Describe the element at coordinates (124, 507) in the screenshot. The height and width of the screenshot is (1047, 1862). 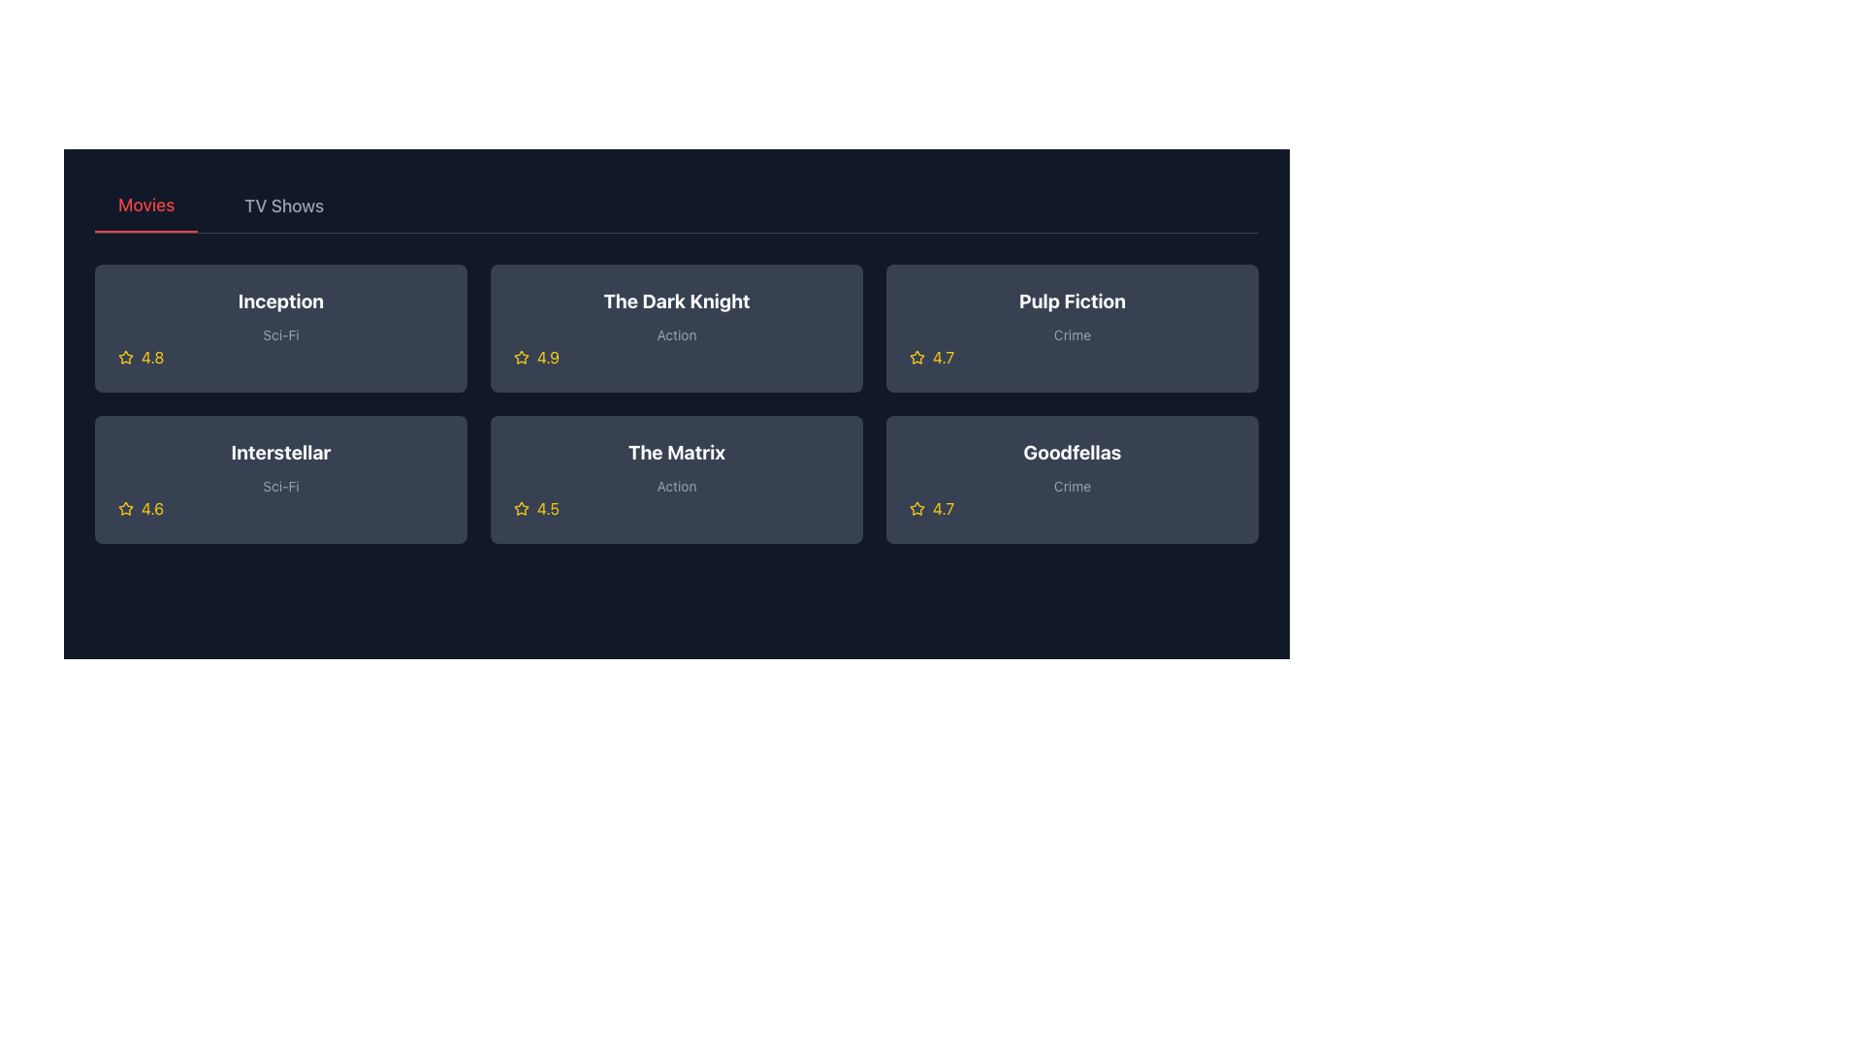
I see `the yellow star-shaped rating icon located to the left of the rating score '4.6' in the bottom row of the movie grid for 'Interstellar'` at that location.